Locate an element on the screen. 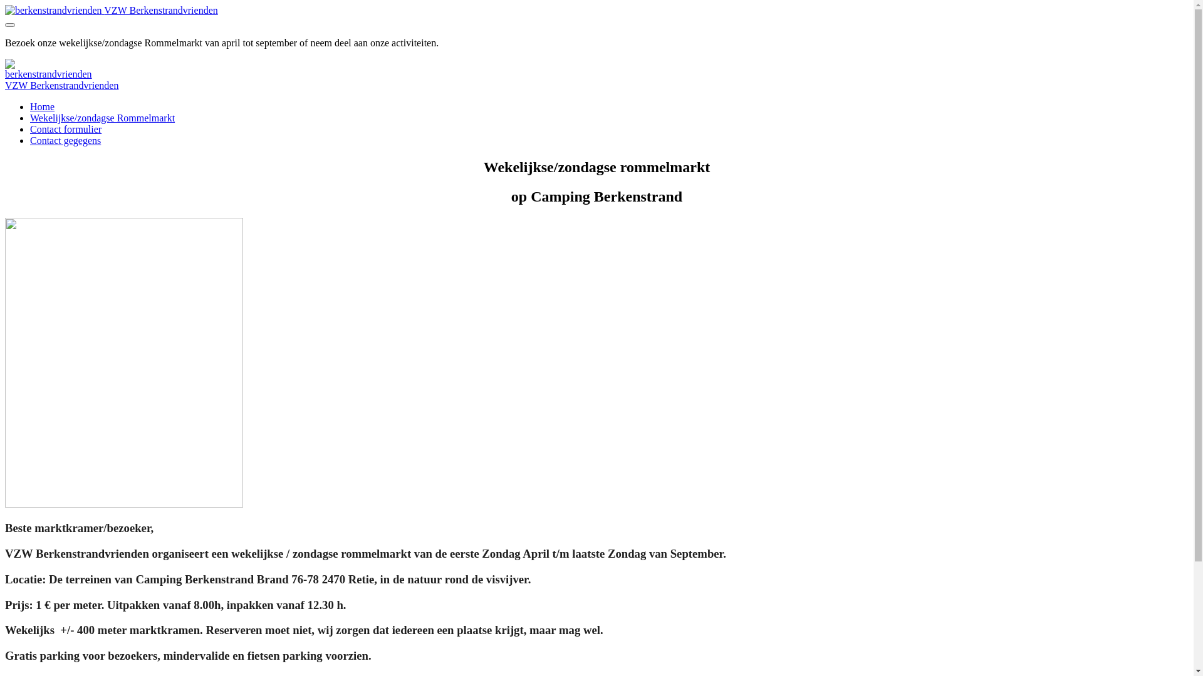 This screenshot has width=1203, height=676. 'berkenstrandvrienden' is located at coordinates (53, 10).